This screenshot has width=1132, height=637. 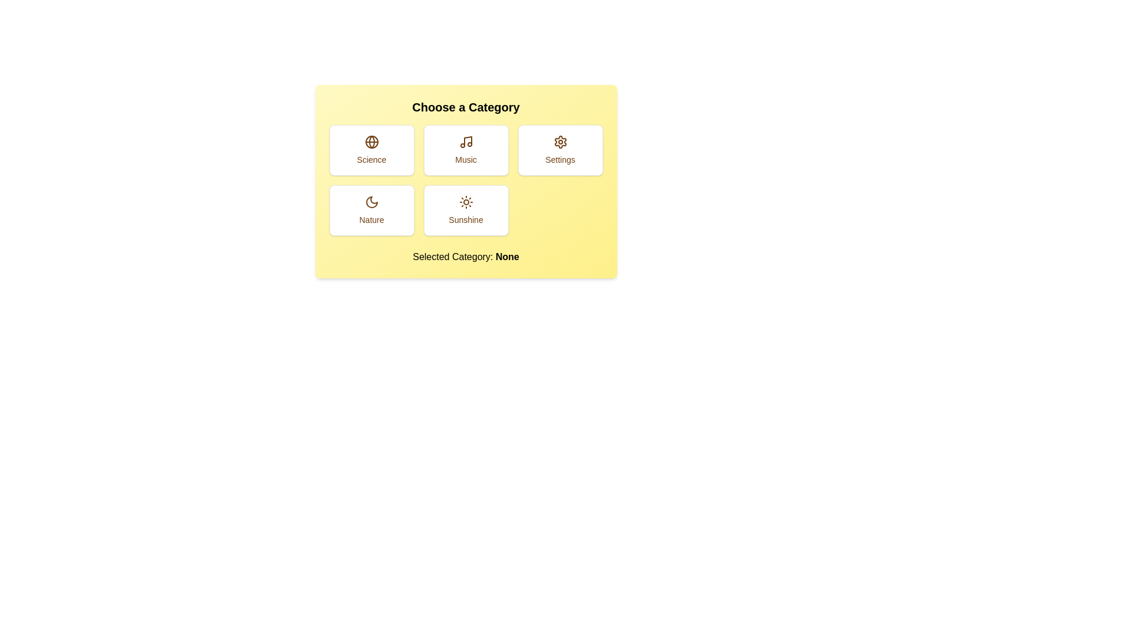 I want to click on the static text label for the 'Music' category, which is located below the SVG musical note icon in the first row of the category cards, so click(x=465, y=159).